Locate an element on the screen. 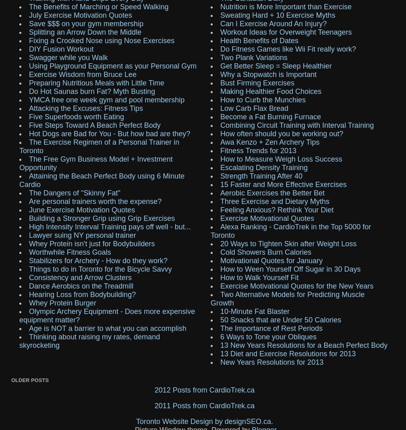  'Swagger while you Walk' is located at coordinates (68, 57).